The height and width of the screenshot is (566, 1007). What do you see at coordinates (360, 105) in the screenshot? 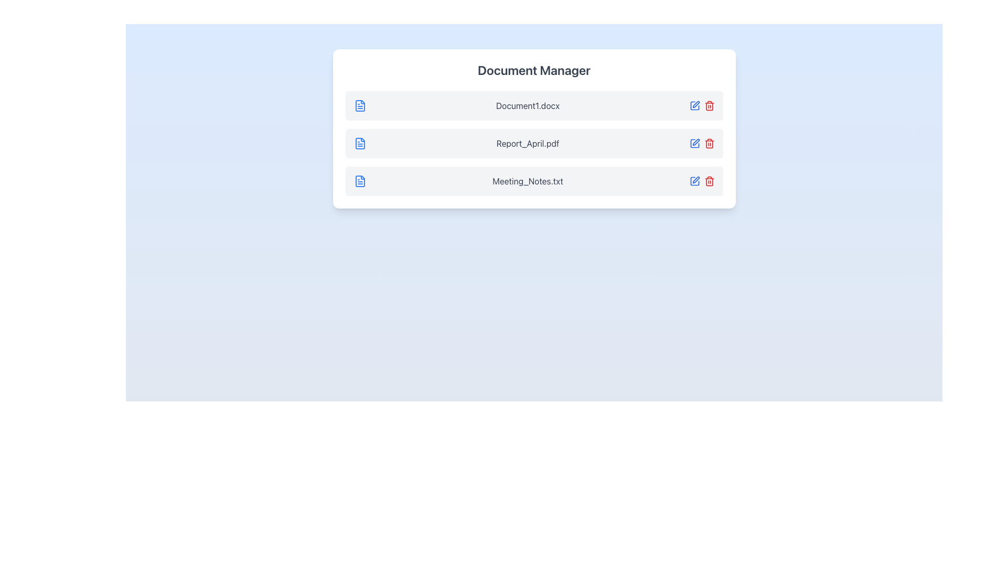
I see `the blue file document icon located to the left of 'Document1.docx', which is the first icon in the document list` at bounding box center [360, 105].